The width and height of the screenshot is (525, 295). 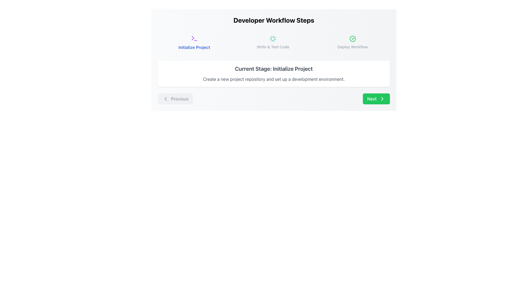 What do you see at coordinates (382, 99) in the screenshot?
I see `the right-pointing chevron arrow icon, which is thin with a uniform black stroke and located immediately to the right of the 'Next' button` at bounding box center [382, 99].